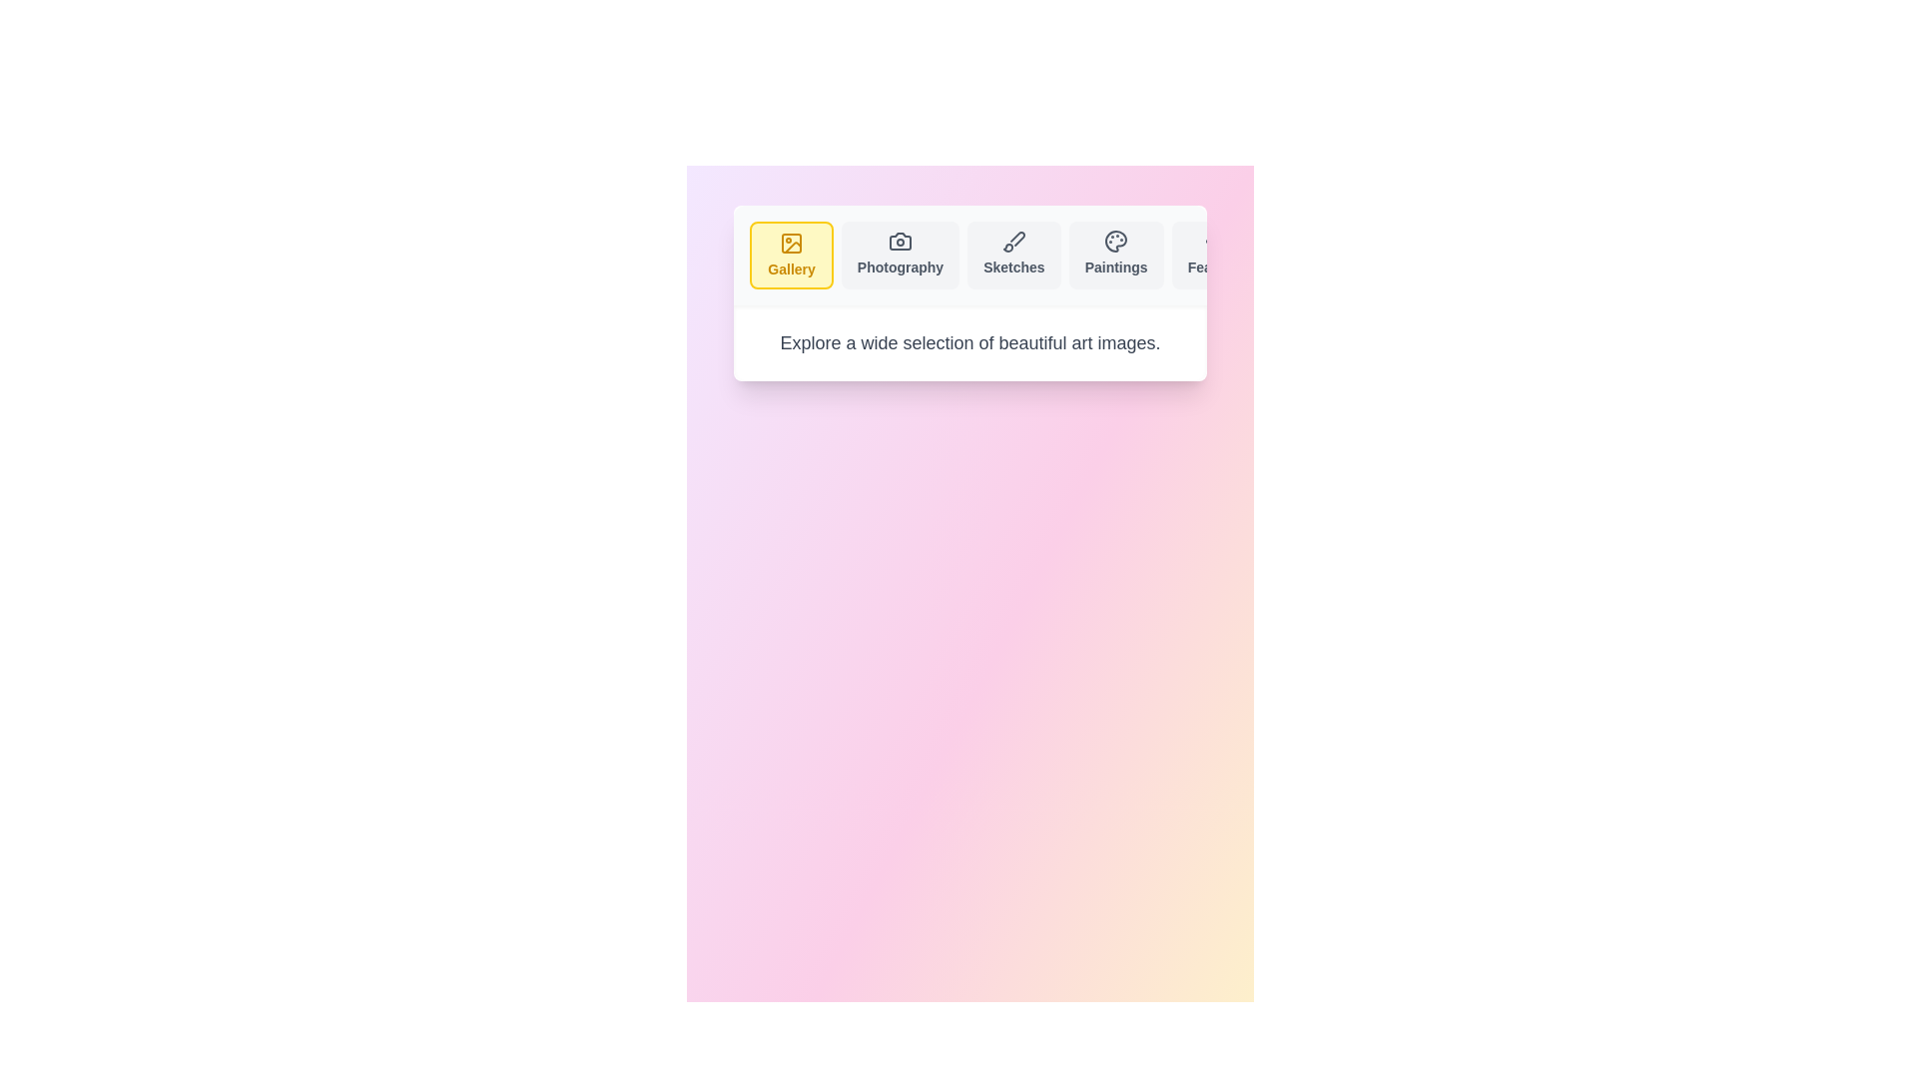  I want to click on the tab labeled Gallery, so click(791, 254).